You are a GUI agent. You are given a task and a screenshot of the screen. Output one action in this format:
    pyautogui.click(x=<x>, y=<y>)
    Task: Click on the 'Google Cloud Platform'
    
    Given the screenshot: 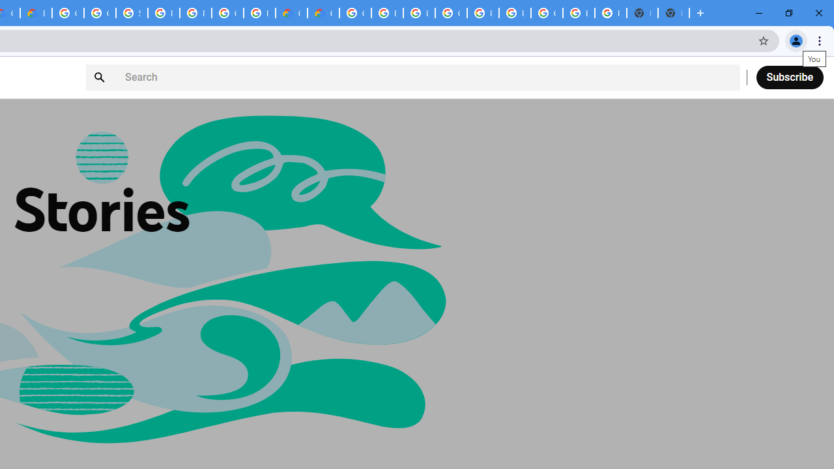 What is the action you would take?
    pyautogui.click(x=355, y=13)
    